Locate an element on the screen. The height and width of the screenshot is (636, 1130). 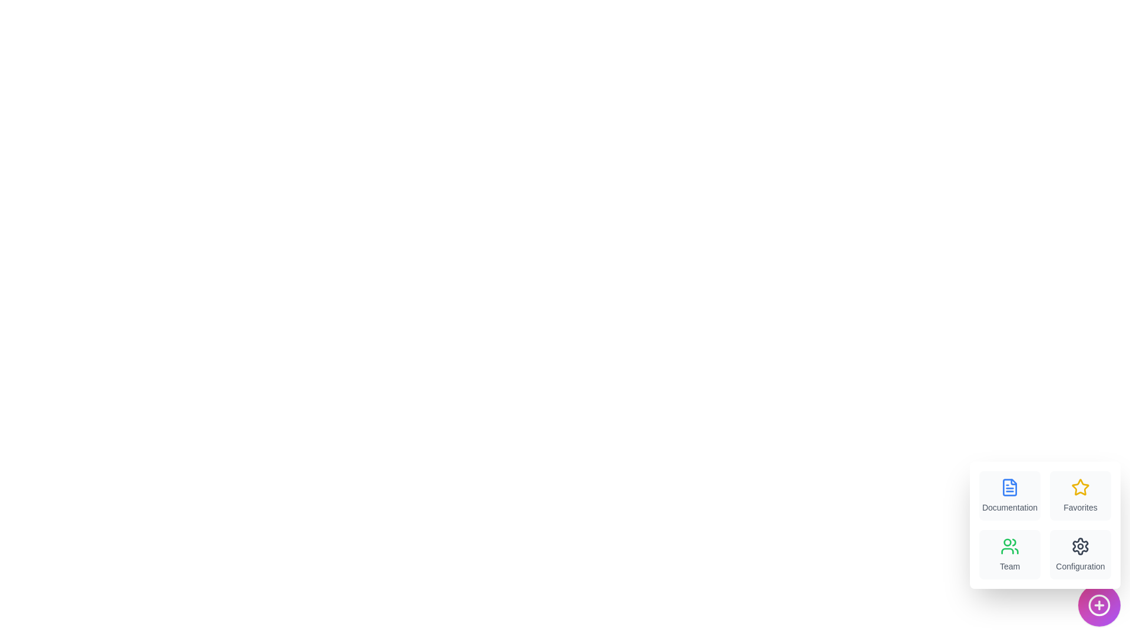
the floating action button to toggle the menu visibility is located at coordinates (1098, 605).